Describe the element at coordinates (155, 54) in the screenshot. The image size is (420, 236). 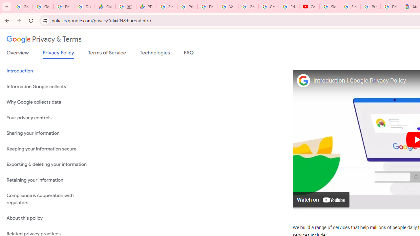
I see `'Technologies'` at that location.